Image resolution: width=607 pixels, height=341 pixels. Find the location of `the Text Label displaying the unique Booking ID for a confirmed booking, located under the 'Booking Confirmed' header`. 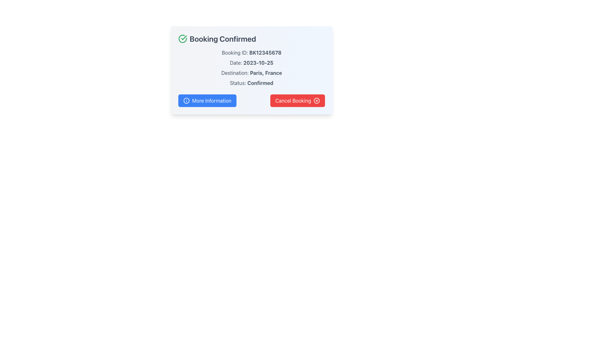

the Text Label displaying the unique Booking ID for a confirmed booking, located under the 'Booking Confirmed' header is located at coordinates (251, 52).